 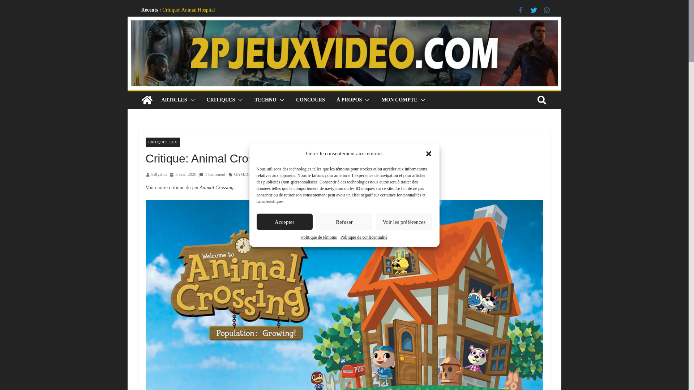 I want to click on 'CONCOURS', so click(x=310, y=100).